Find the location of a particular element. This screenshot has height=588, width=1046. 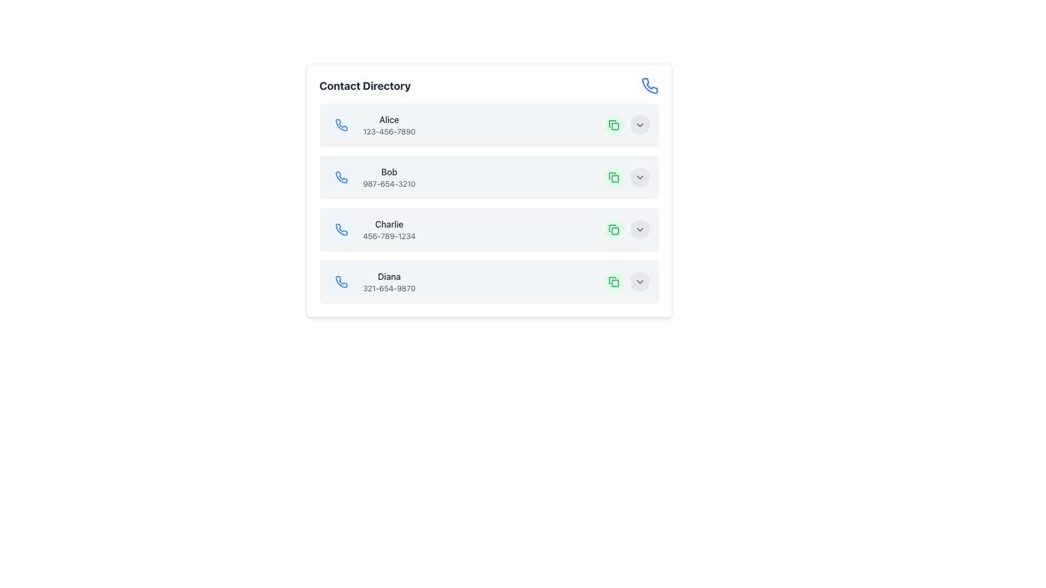

the text label displaying the contact identifier 'Bob' with their associated phone number in the second row of the 'Contact Directory' section to copy the text if functionality allows is located at coordinates (389, 177).